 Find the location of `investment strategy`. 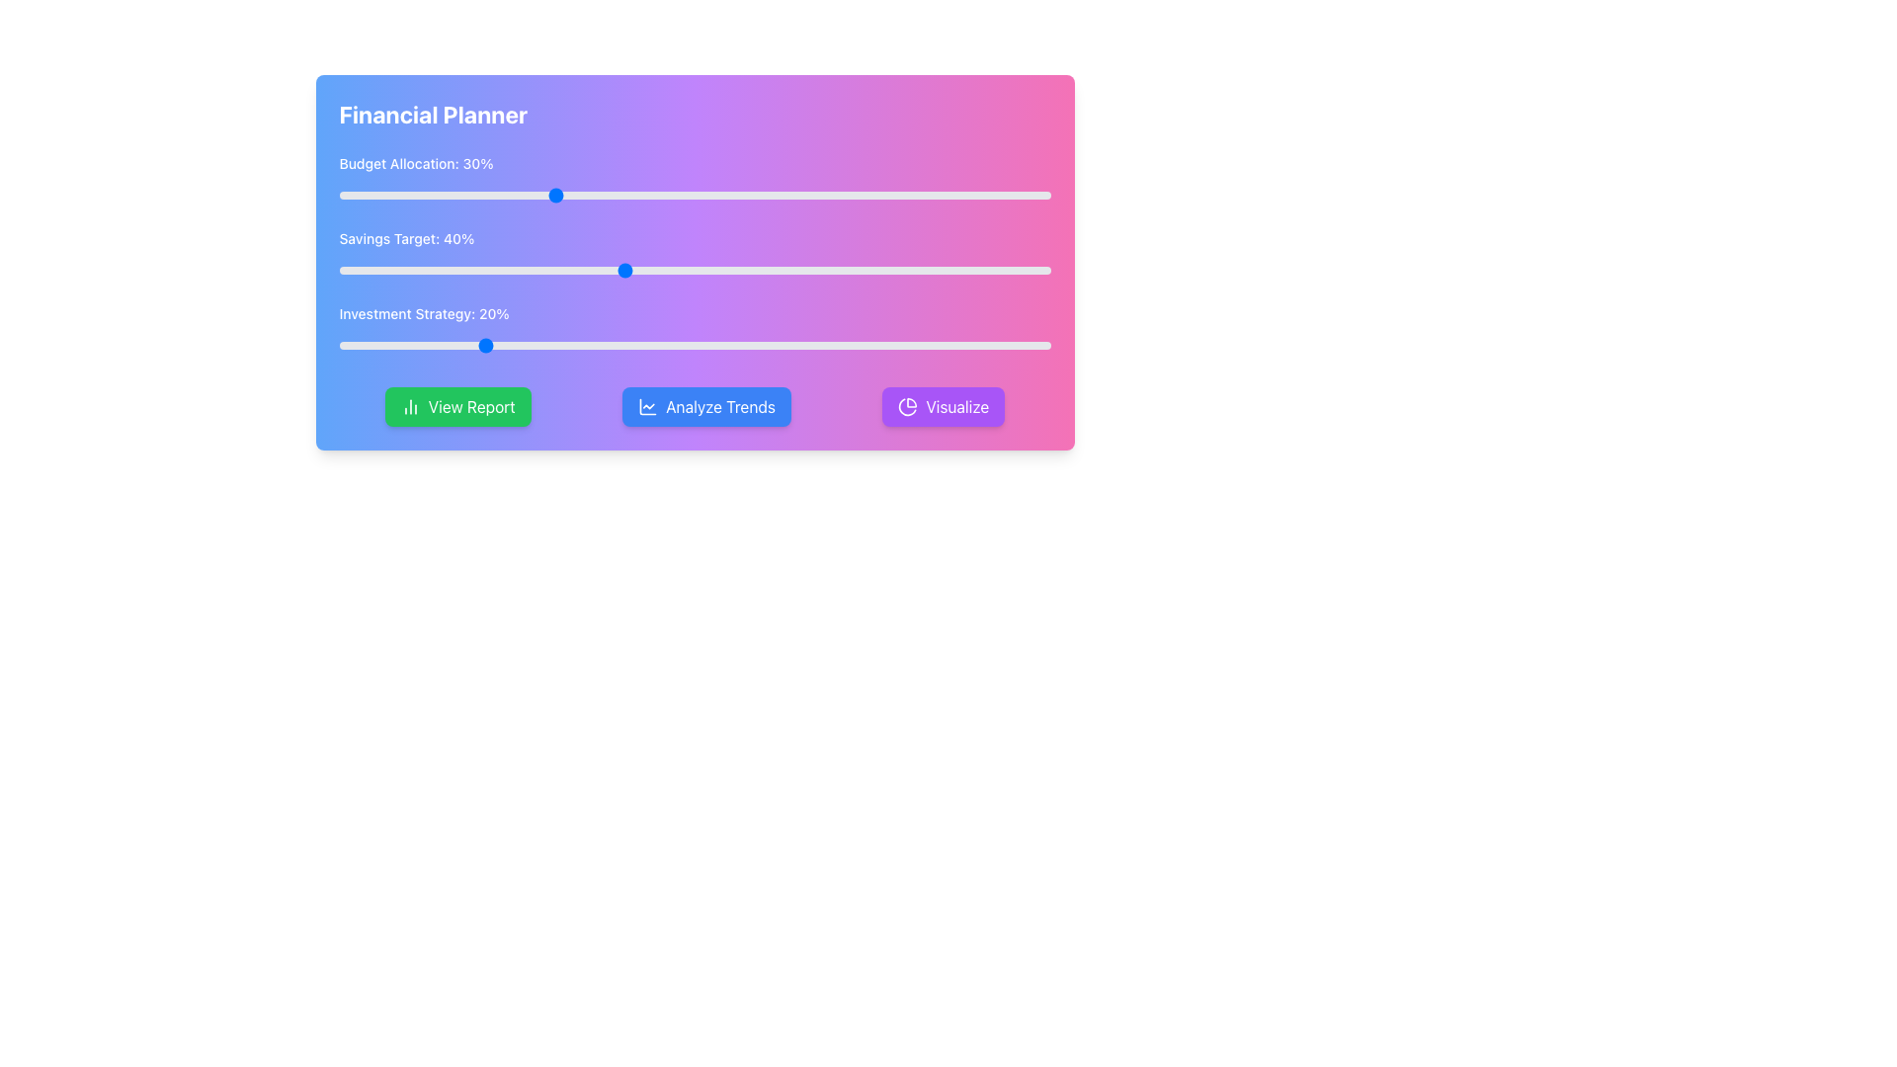

investment strategy is located at coordinates (907, 345).